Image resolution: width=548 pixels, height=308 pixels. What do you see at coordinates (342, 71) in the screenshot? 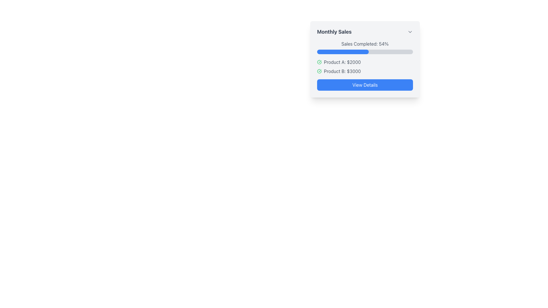
I see `the text displaying the sales value for 'Product B', which is located in the second row under the label 'Monthly Sales'` at bounding box center [342, 71].